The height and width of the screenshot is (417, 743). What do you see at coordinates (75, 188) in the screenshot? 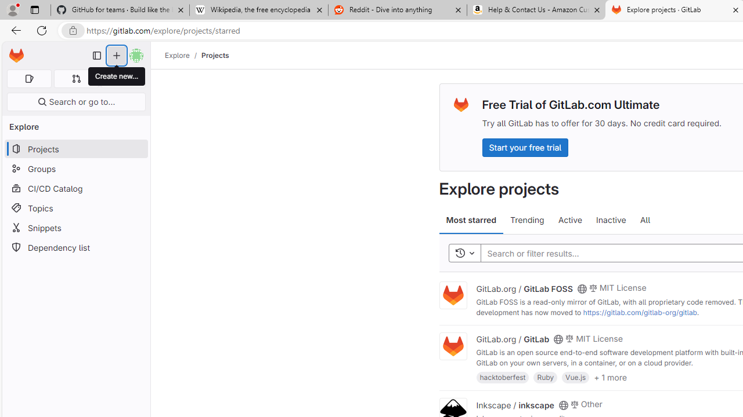
I see `'CI/CD Catalog'` at bounding box center [75, 188].